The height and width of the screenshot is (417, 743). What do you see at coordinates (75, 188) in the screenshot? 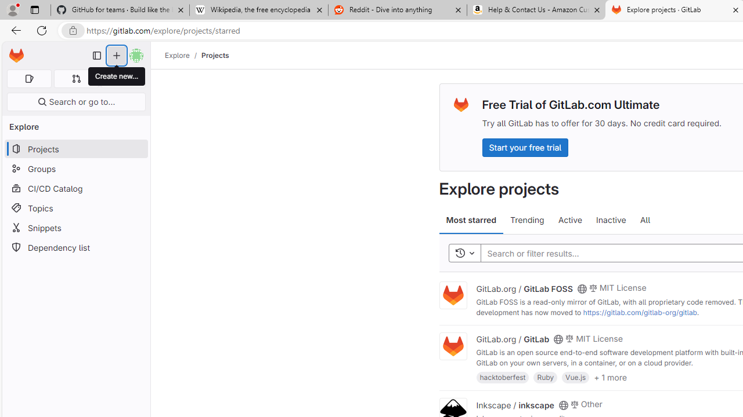
I see `'CI/CD Catalog'` at bounding box center [75, 188].